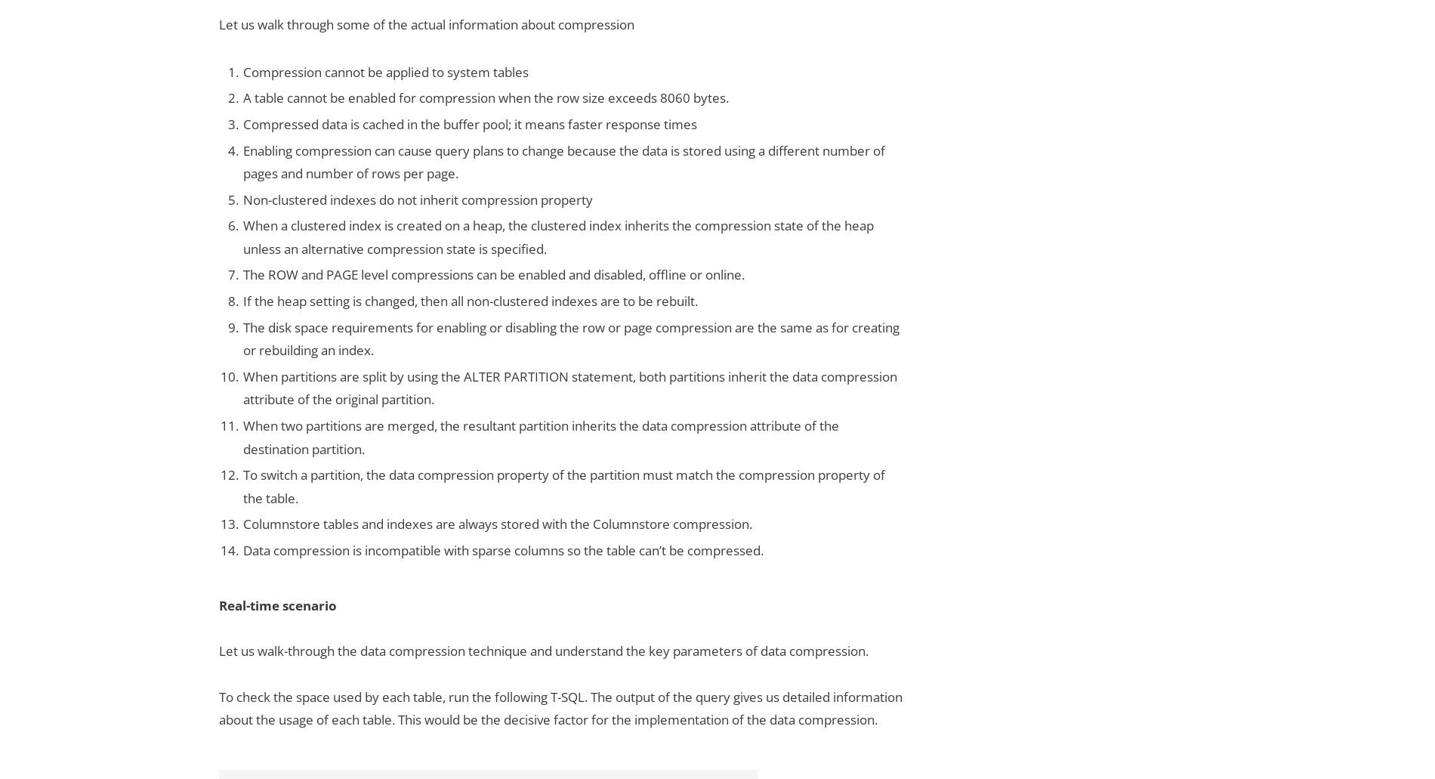  What do you see at coordinates (418, 199) in the screenshot?
I see `'Non-clustered indexes do not inherit compression property'` at bounding box center [418, 199].